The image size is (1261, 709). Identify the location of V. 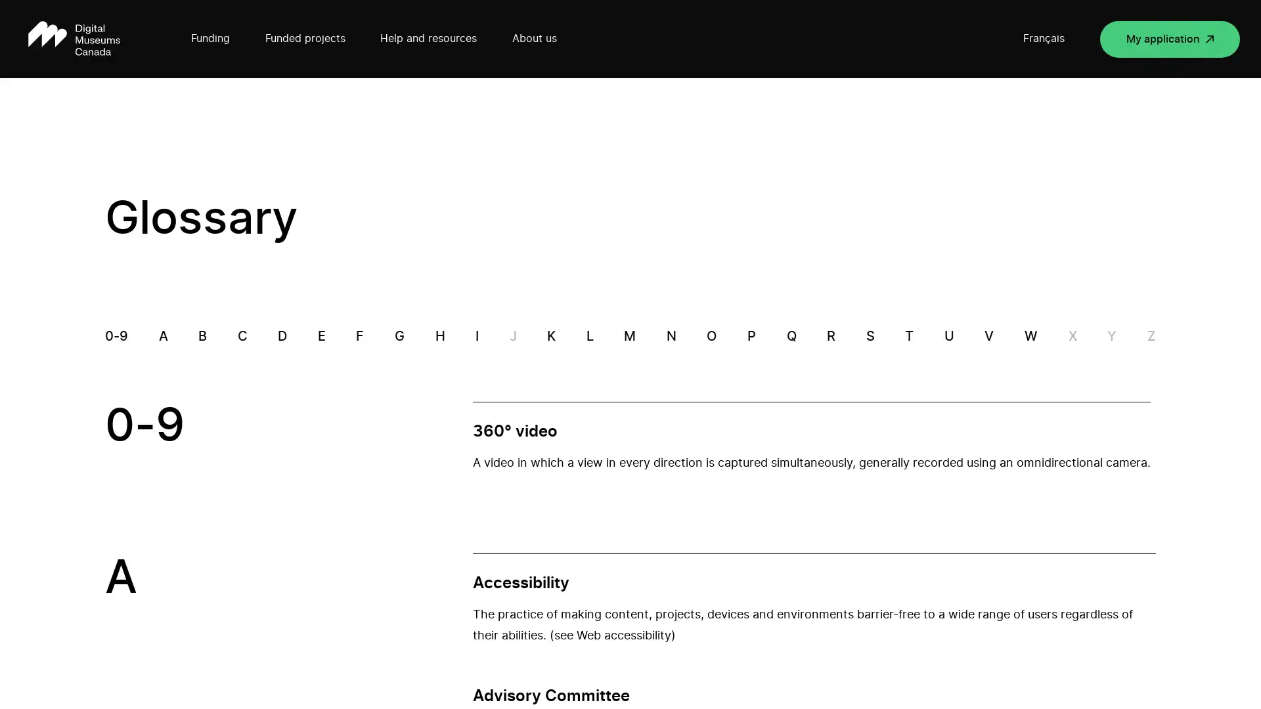
(989, 336).